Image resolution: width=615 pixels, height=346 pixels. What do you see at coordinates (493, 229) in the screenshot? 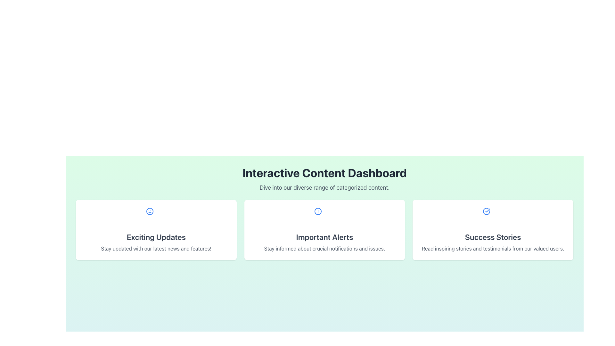
I see `the rightmost card in the three-column grid layout` at bounding box center [493, 229].